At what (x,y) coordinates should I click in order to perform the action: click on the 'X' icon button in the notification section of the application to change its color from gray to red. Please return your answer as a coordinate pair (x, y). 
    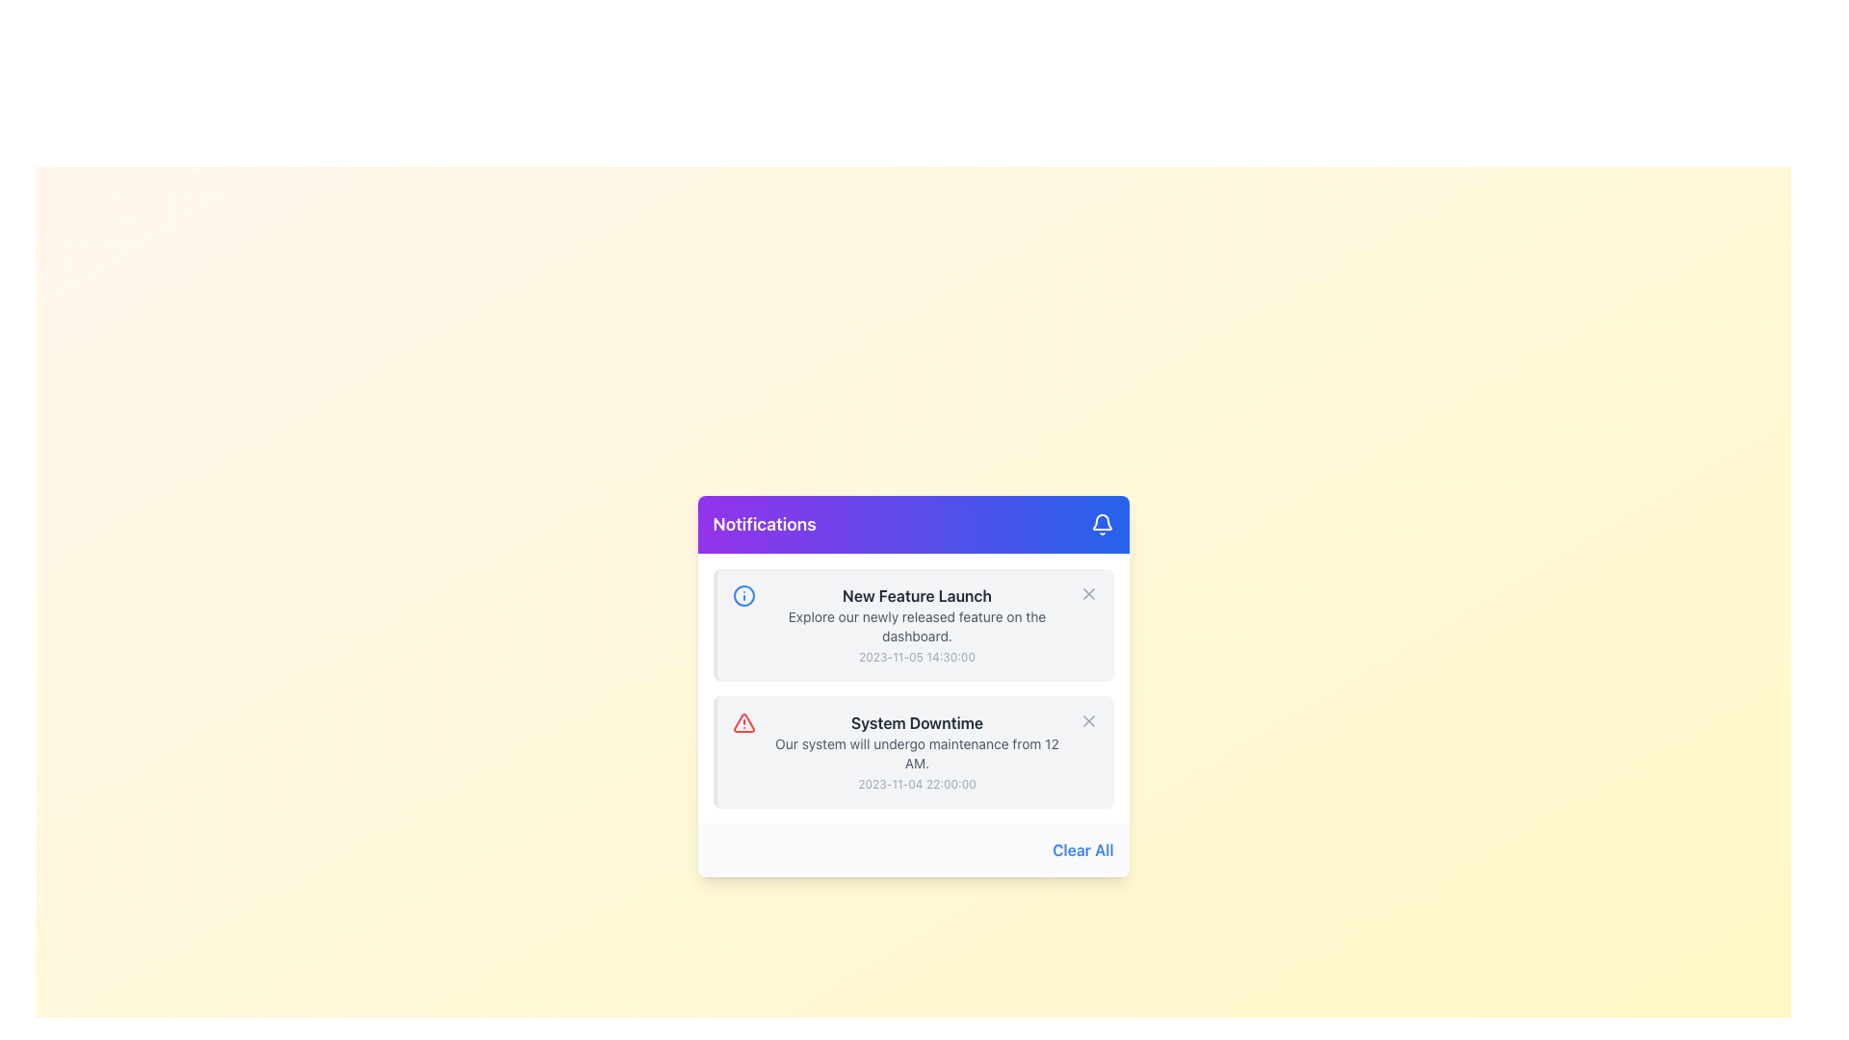
    Looking at the image, I should click on (1088, 593).